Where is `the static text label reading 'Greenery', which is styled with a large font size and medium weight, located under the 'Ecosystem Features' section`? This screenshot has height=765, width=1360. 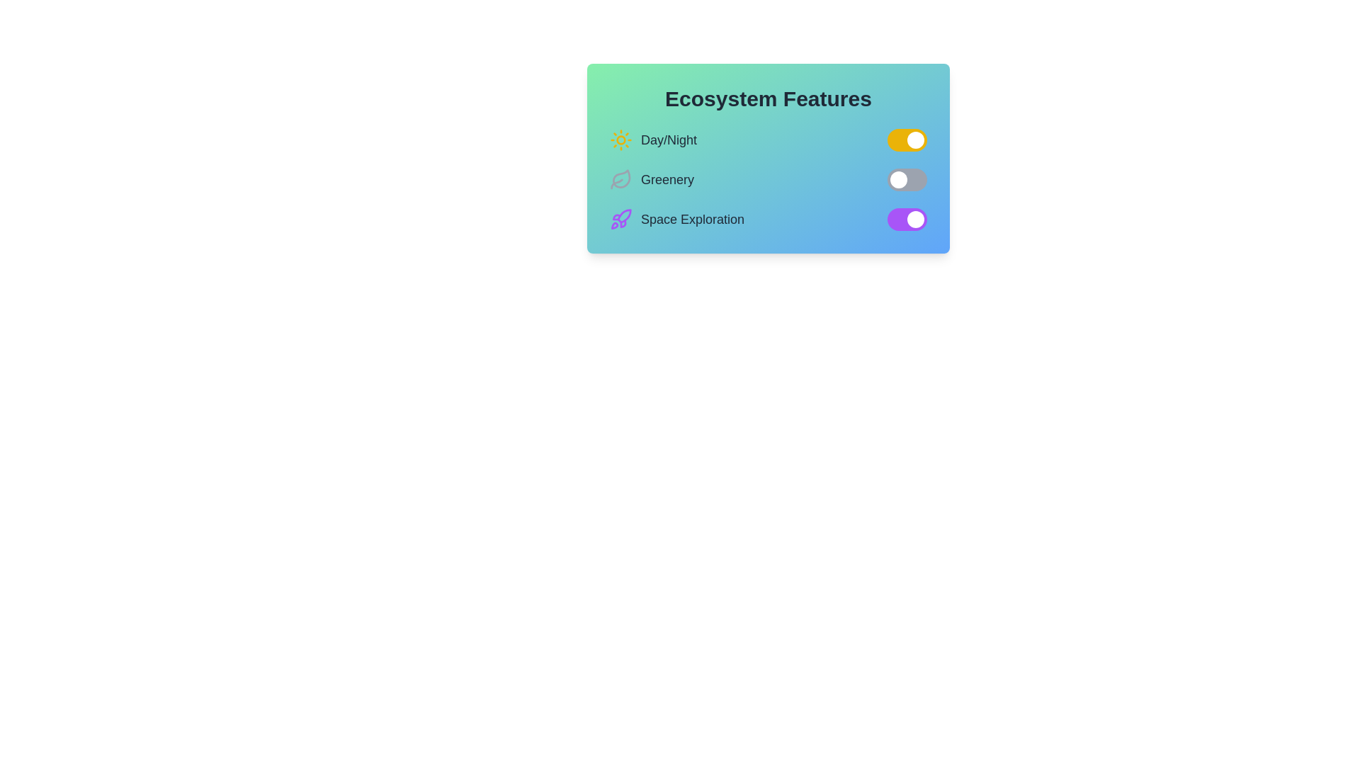
the static text label reading 'Greenery', which is styled with a large font size and medium weight, located under the 'Ecosystem Features' section is located at coordinates (667, 179).